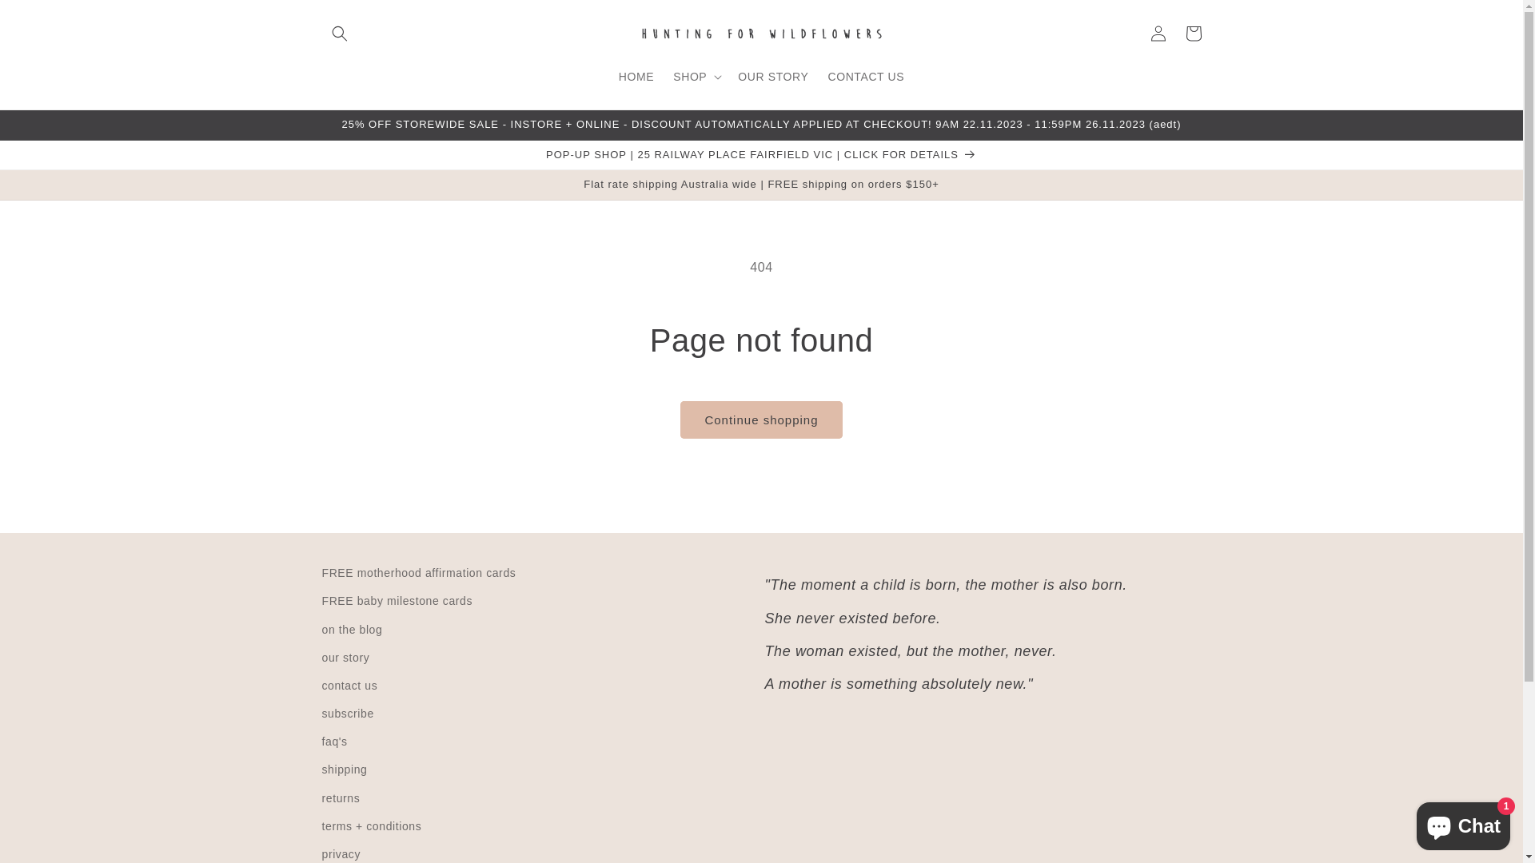 This screenshot has width=1535, height=863. Describe the element at coordinates (397, 601) in the screenshot. I see `'FREE baby milestone cards'` at that location.